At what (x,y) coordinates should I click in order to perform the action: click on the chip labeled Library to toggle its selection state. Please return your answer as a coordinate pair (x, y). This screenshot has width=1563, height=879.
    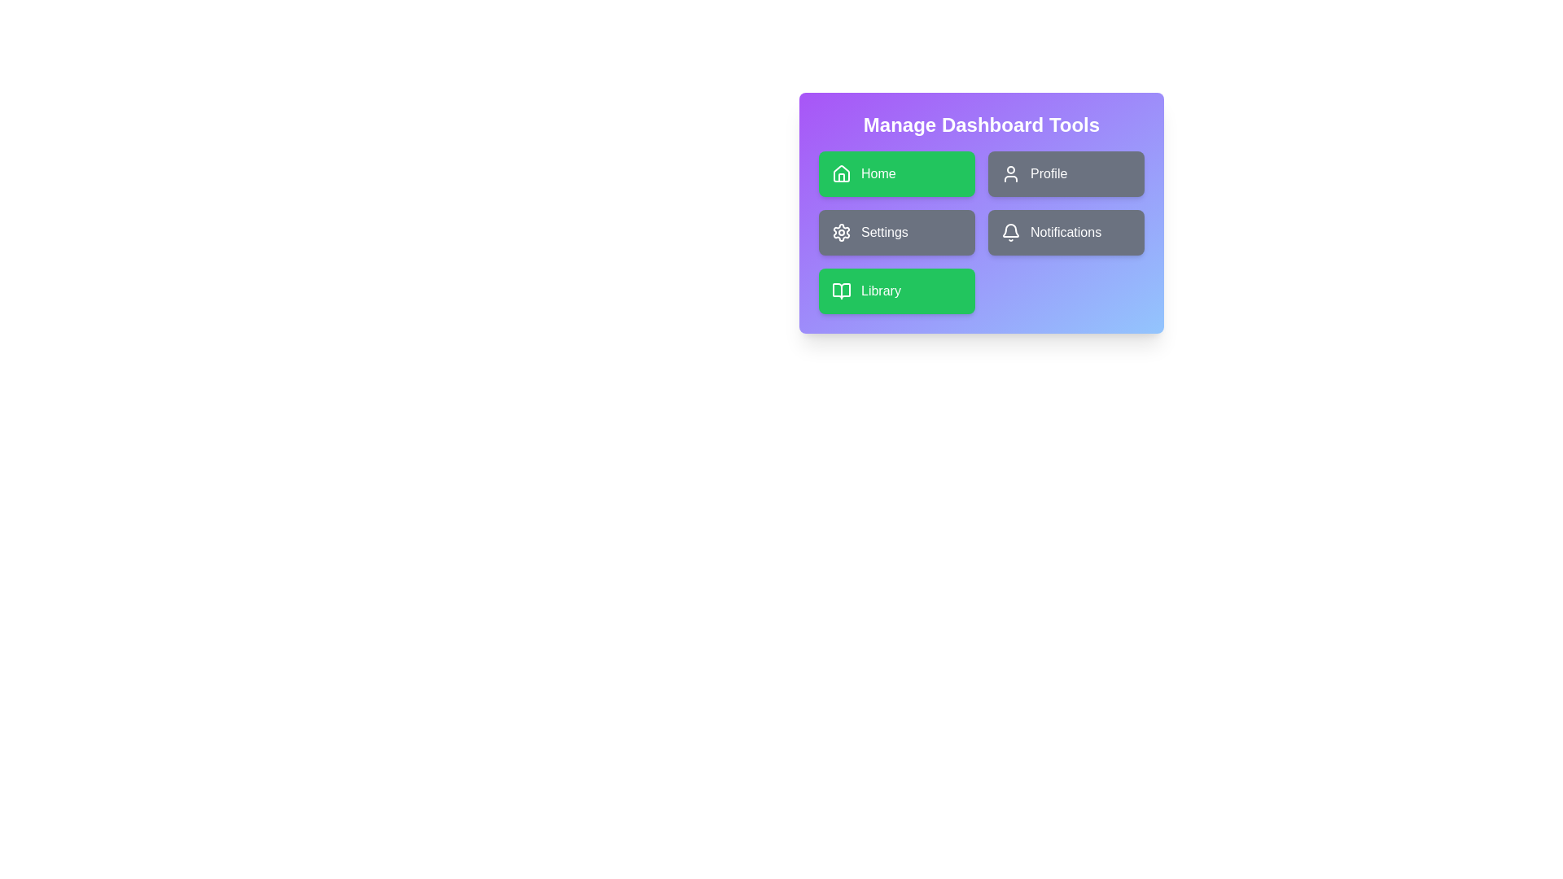
    Looking at the image, I should click on (896, 291).